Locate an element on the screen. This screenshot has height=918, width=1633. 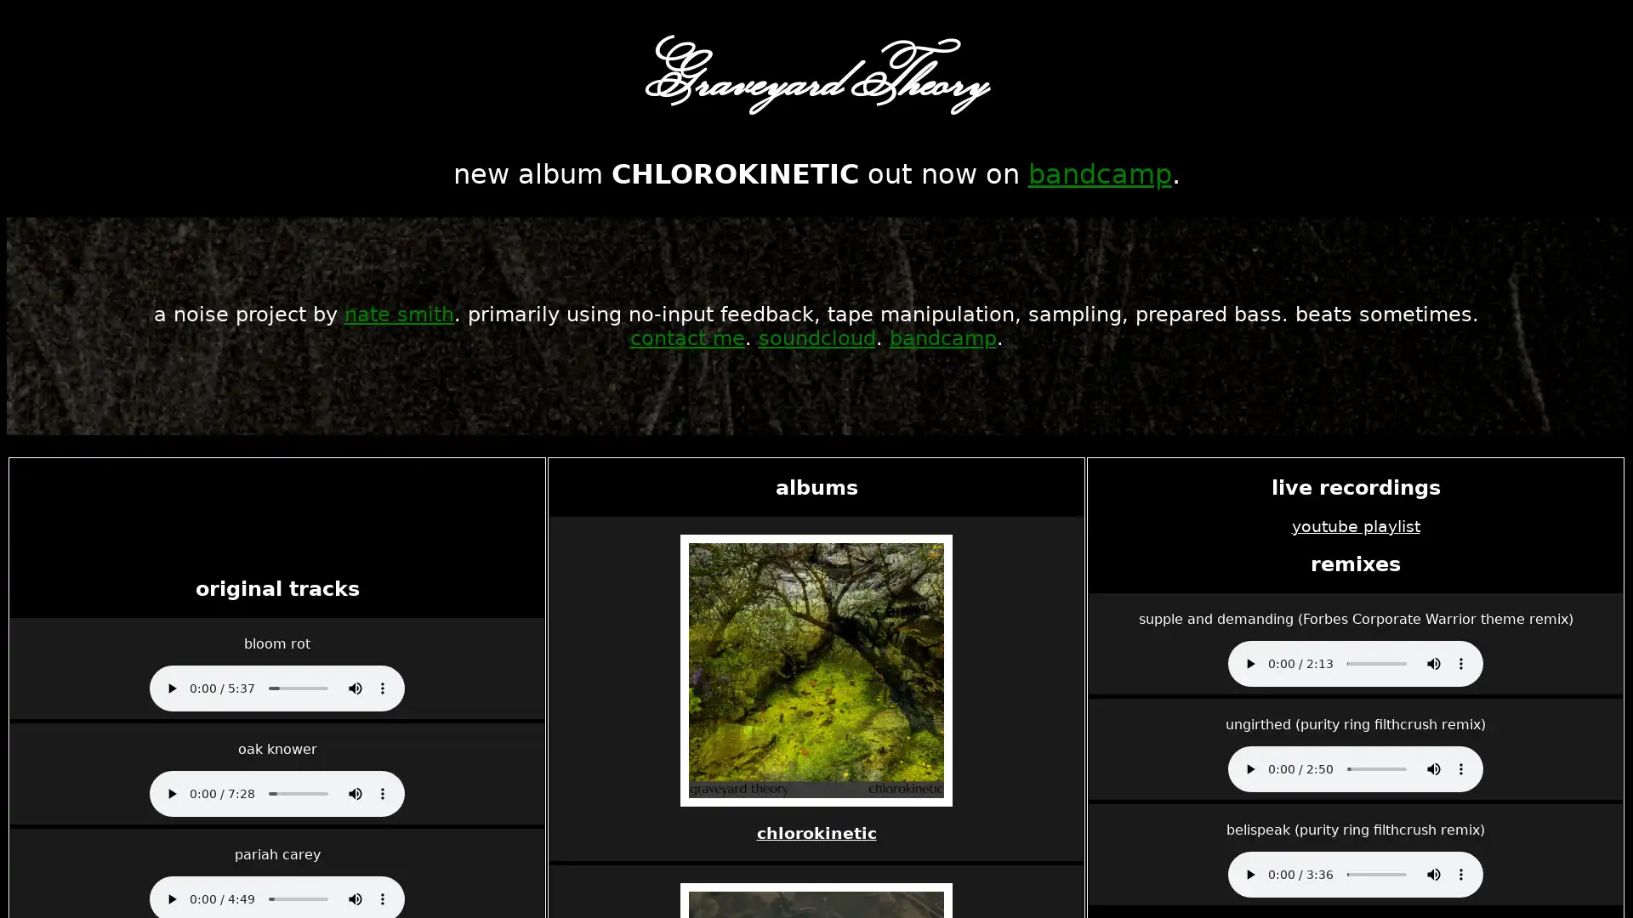
show more media controls is located at coordinates (1460, 662).